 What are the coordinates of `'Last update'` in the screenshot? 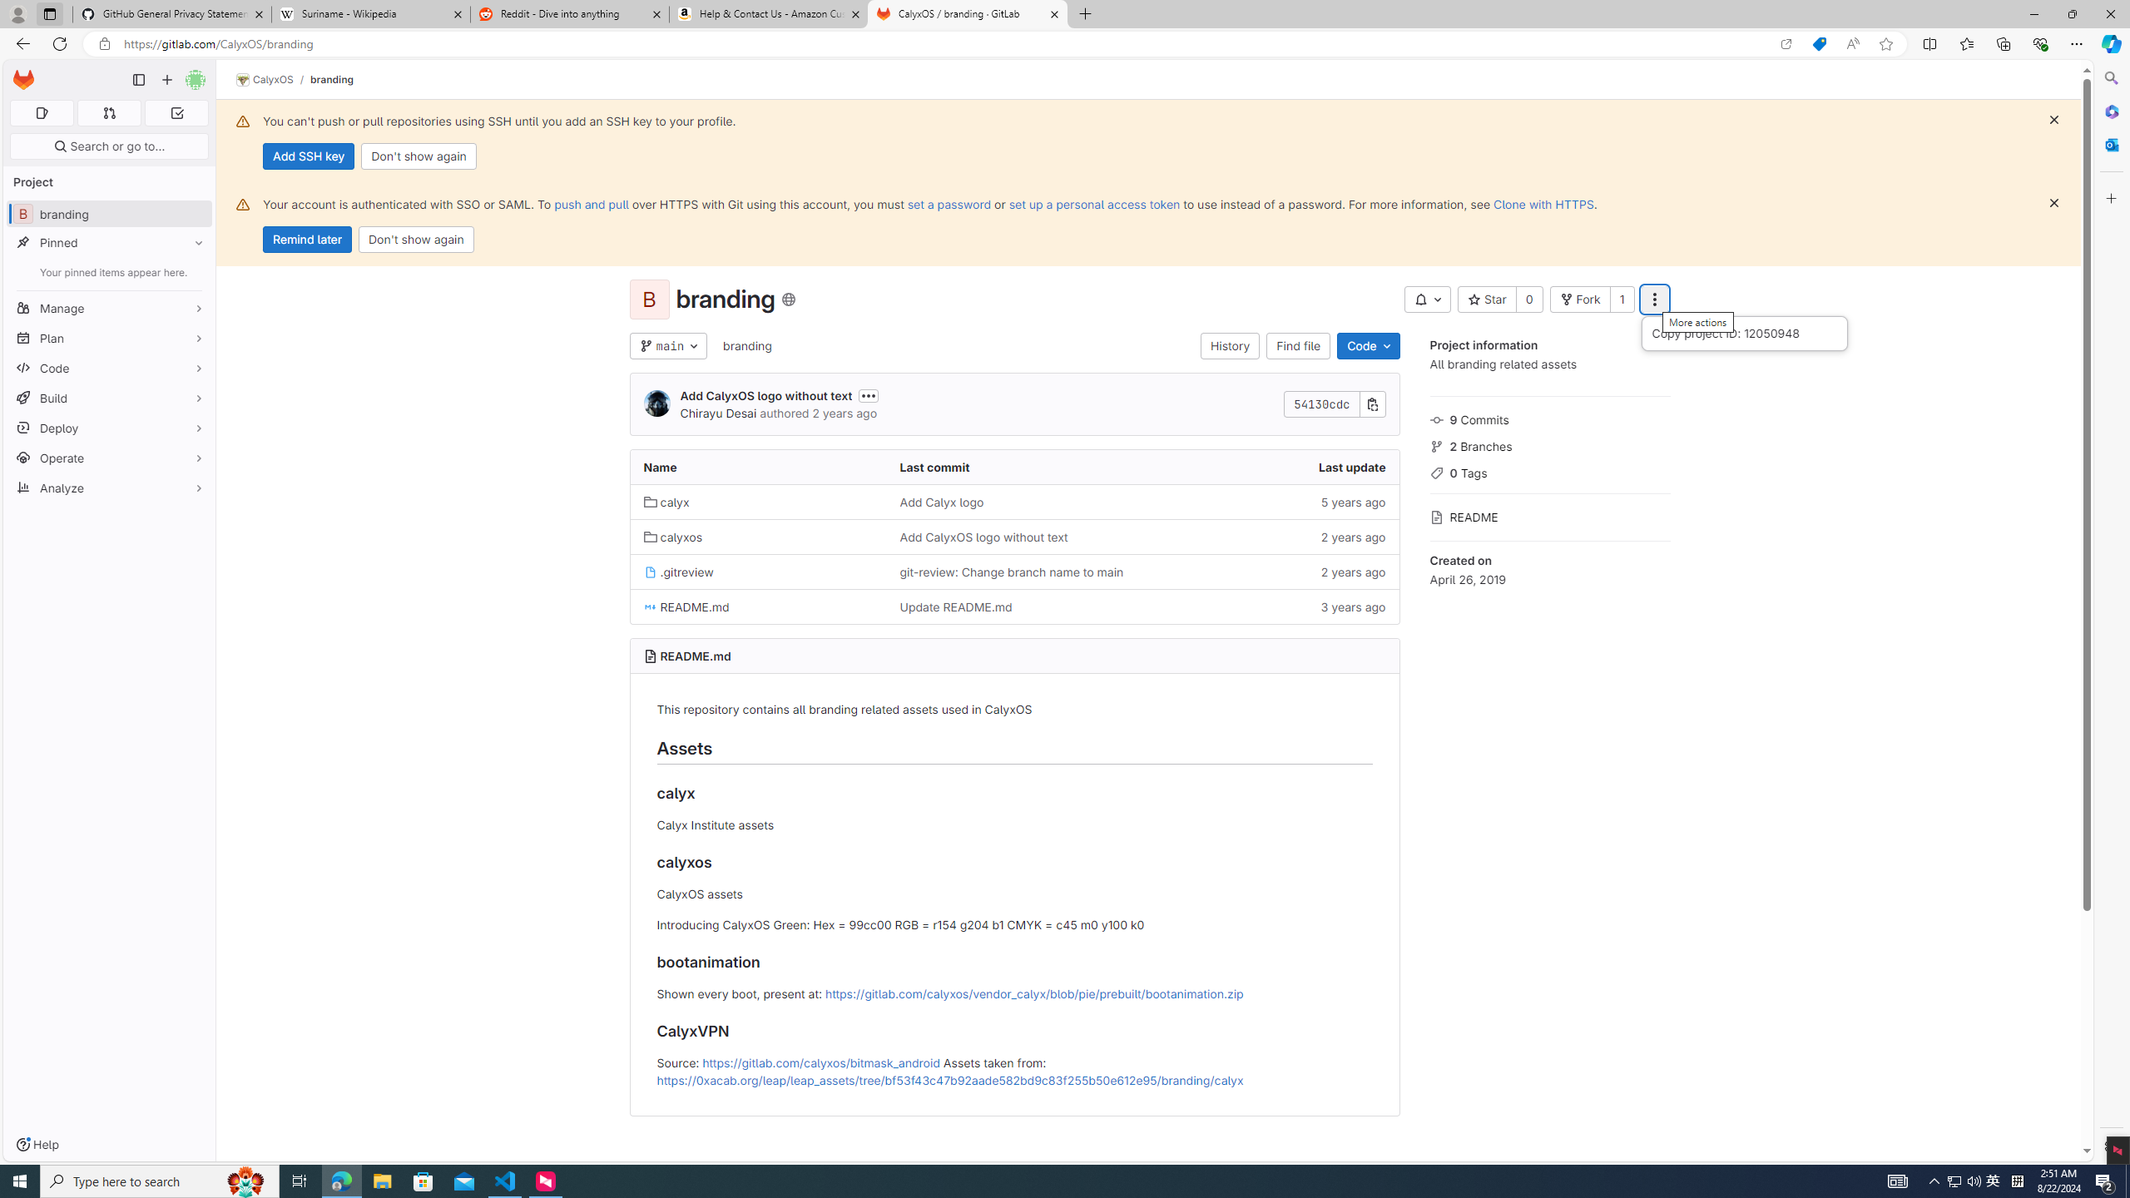 It's located at (1270, 468).